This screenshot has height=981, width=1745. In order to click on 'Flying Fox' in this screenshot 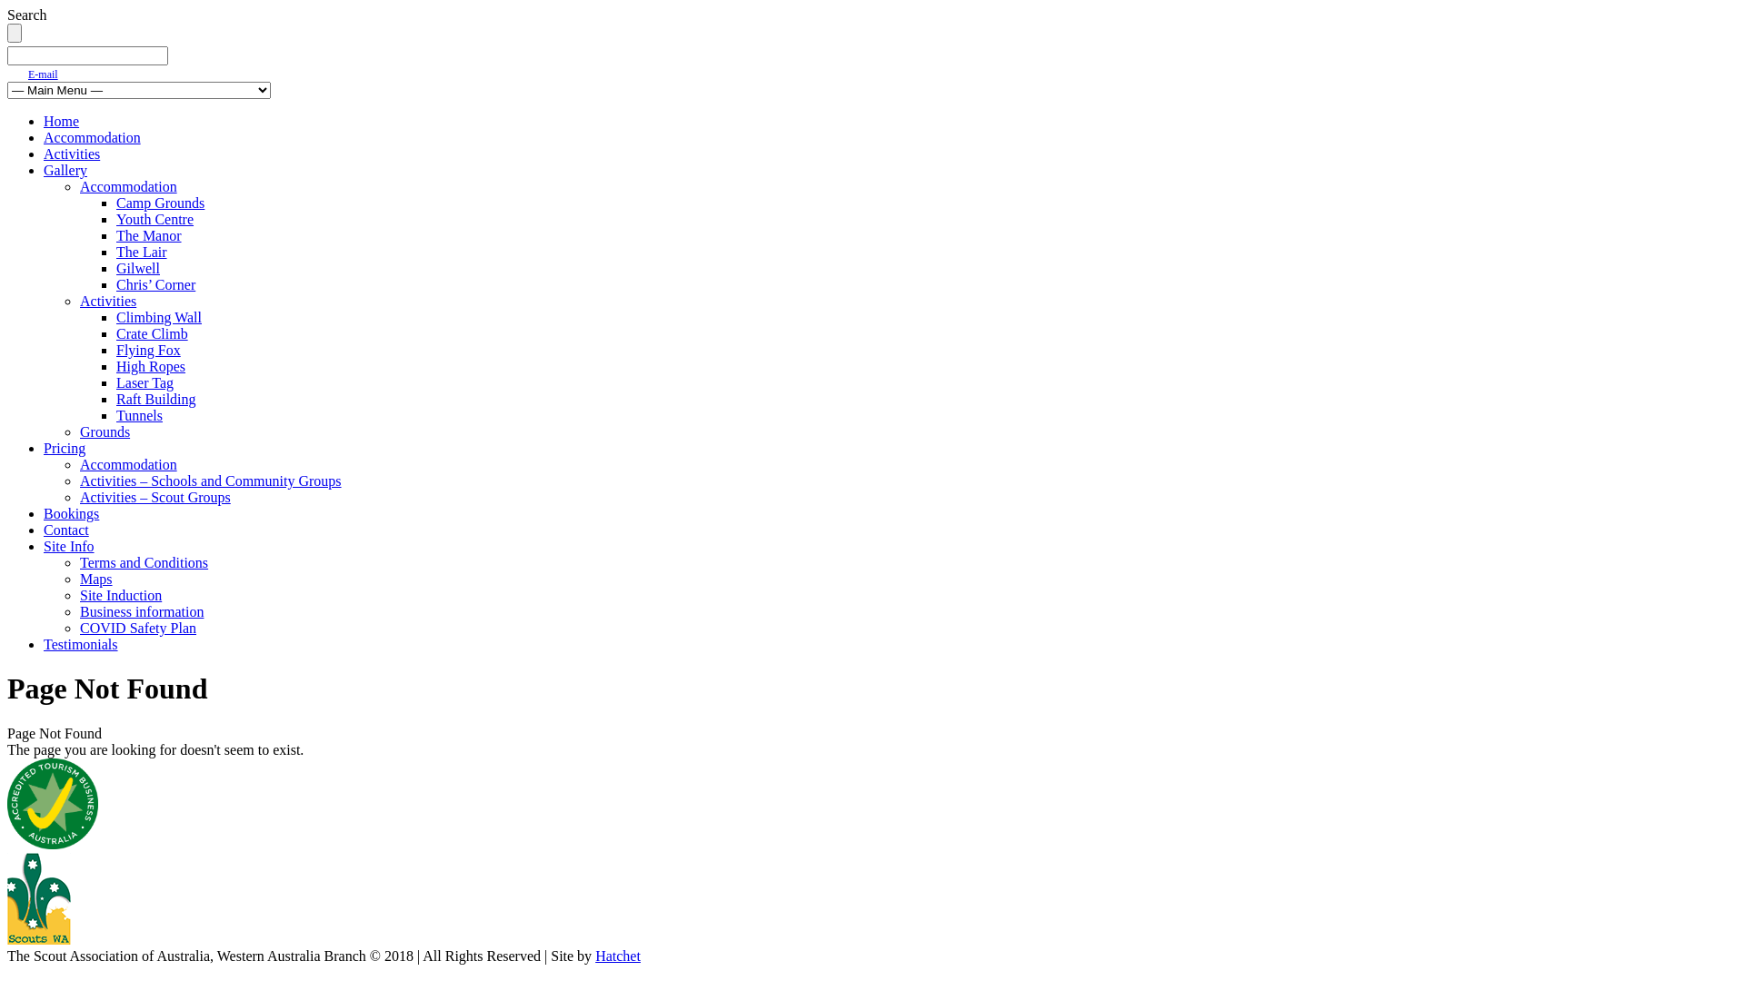, I will do `click(148, 350)`.